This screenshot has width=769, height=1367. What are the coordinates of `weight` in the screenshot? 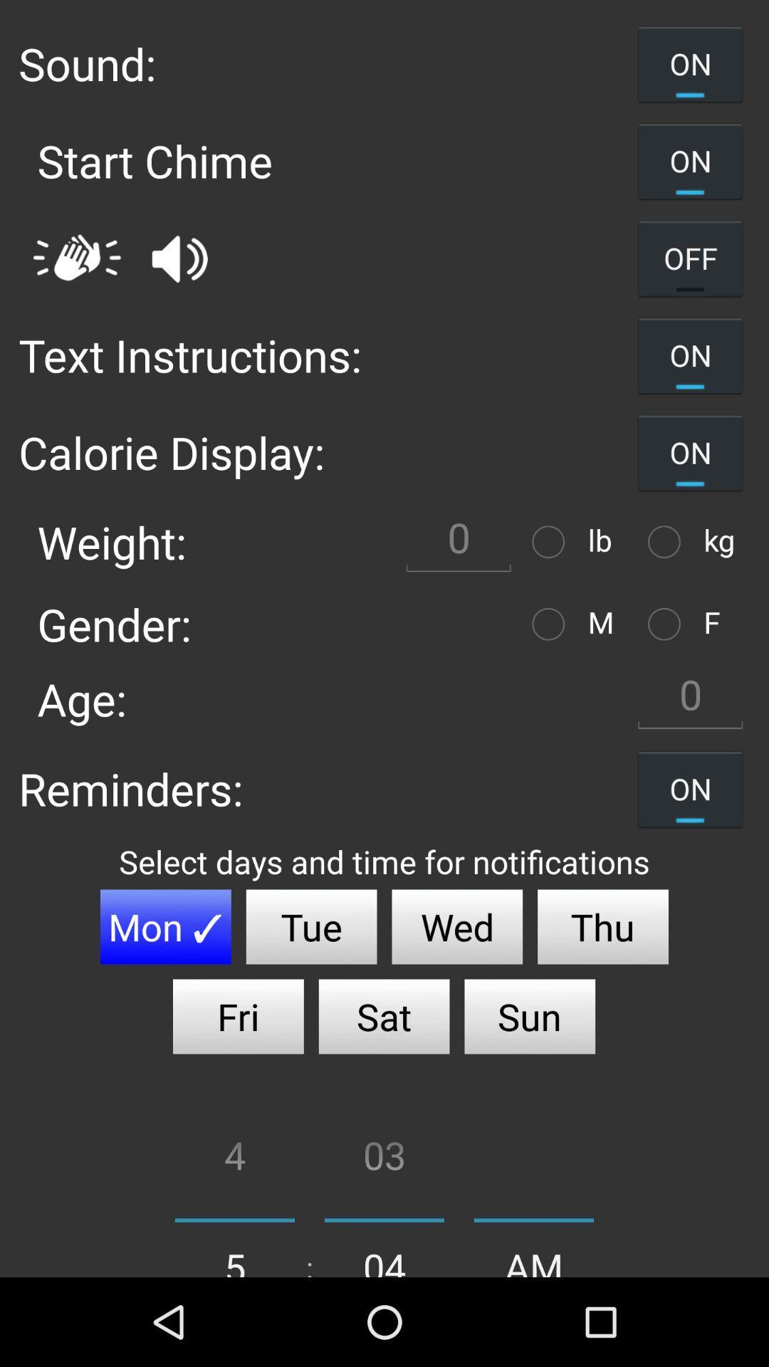 It's located at (551, 541).